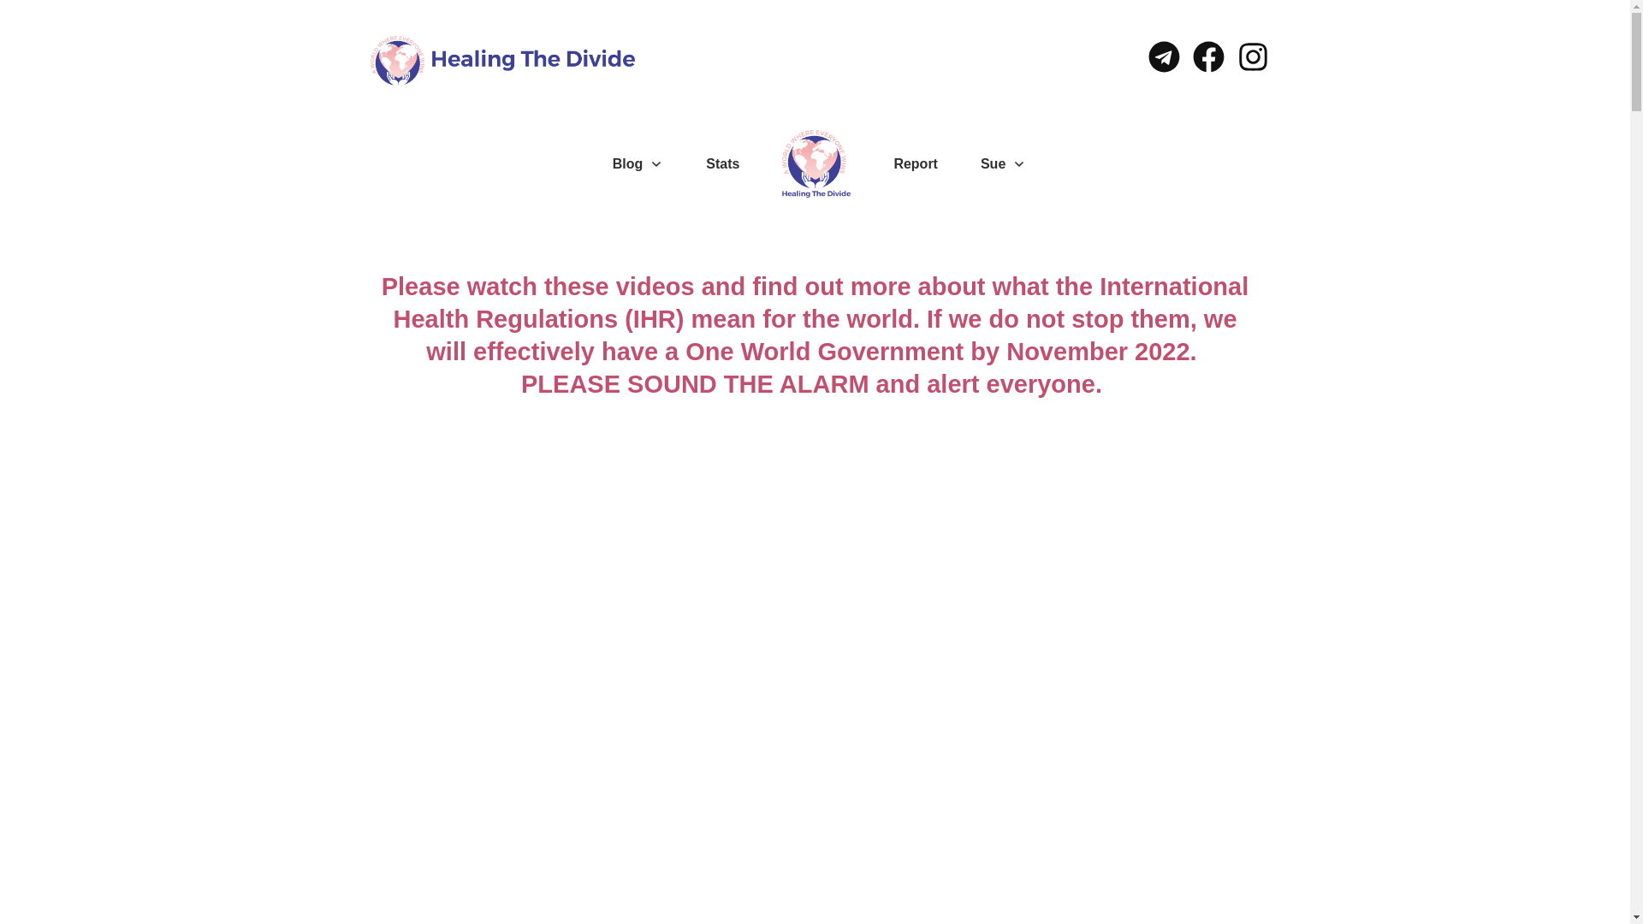 Image resolution: width=1643 pixels, height=924 pixels. What do you see at coordinates (1003, 164) in the screenshot?
I see `'Sue'` at bounding box center [1003, 164].